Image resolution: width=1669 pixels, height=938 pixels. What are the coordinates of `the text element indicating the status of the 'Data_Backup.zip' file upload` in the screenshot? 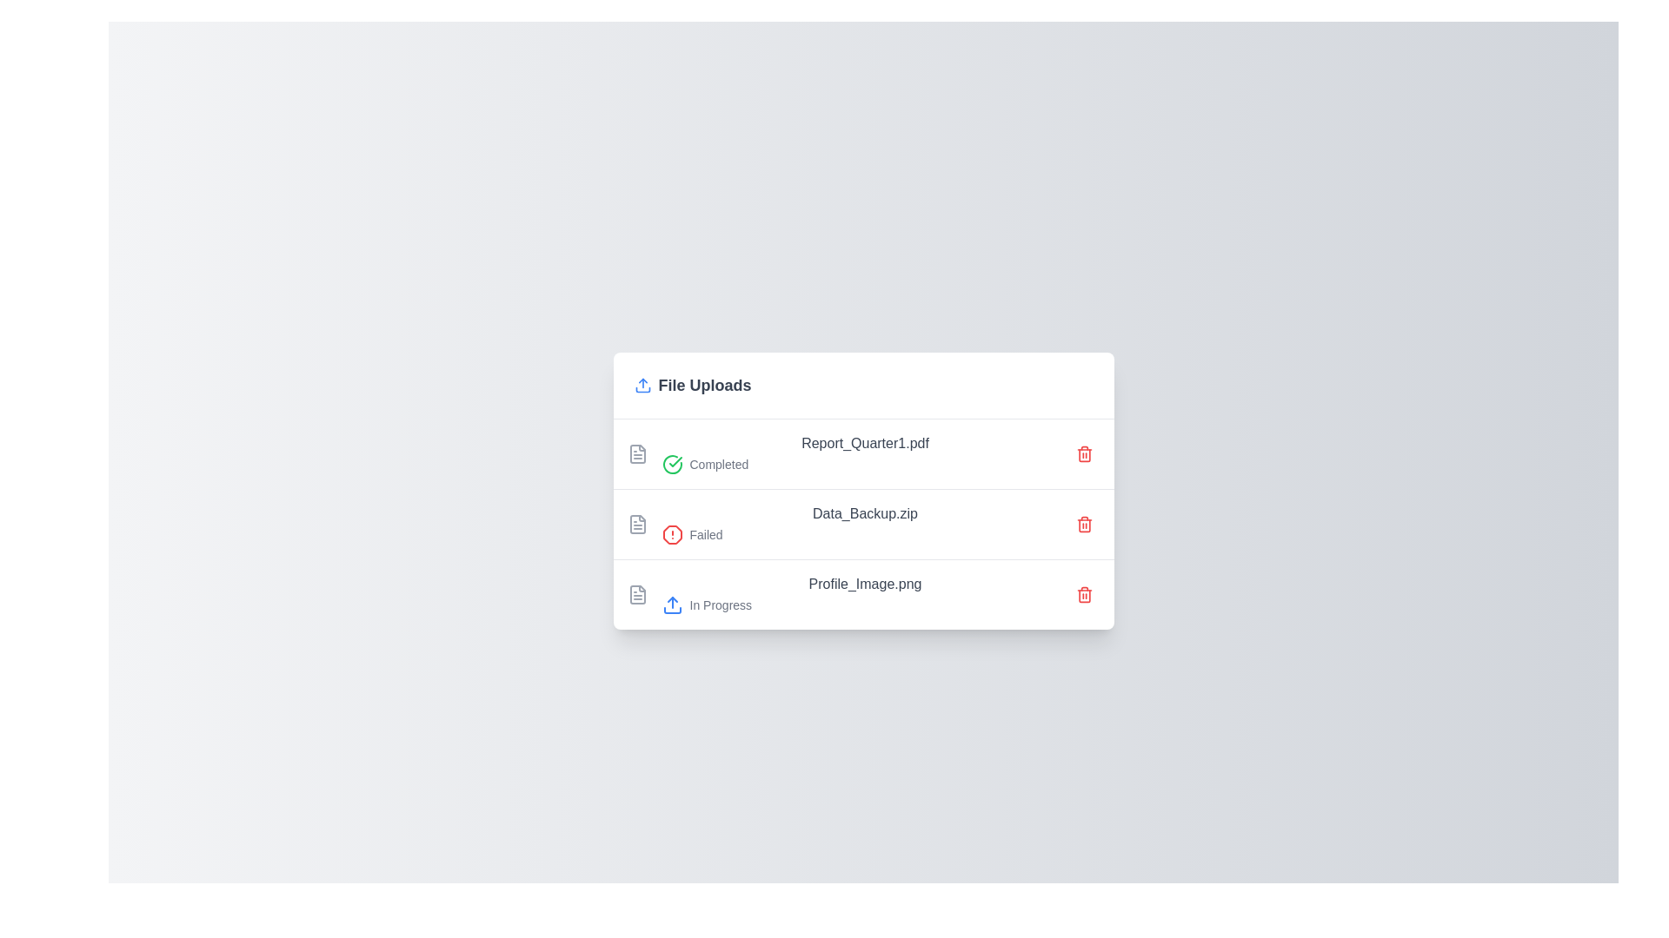 It's located at (865, 523).